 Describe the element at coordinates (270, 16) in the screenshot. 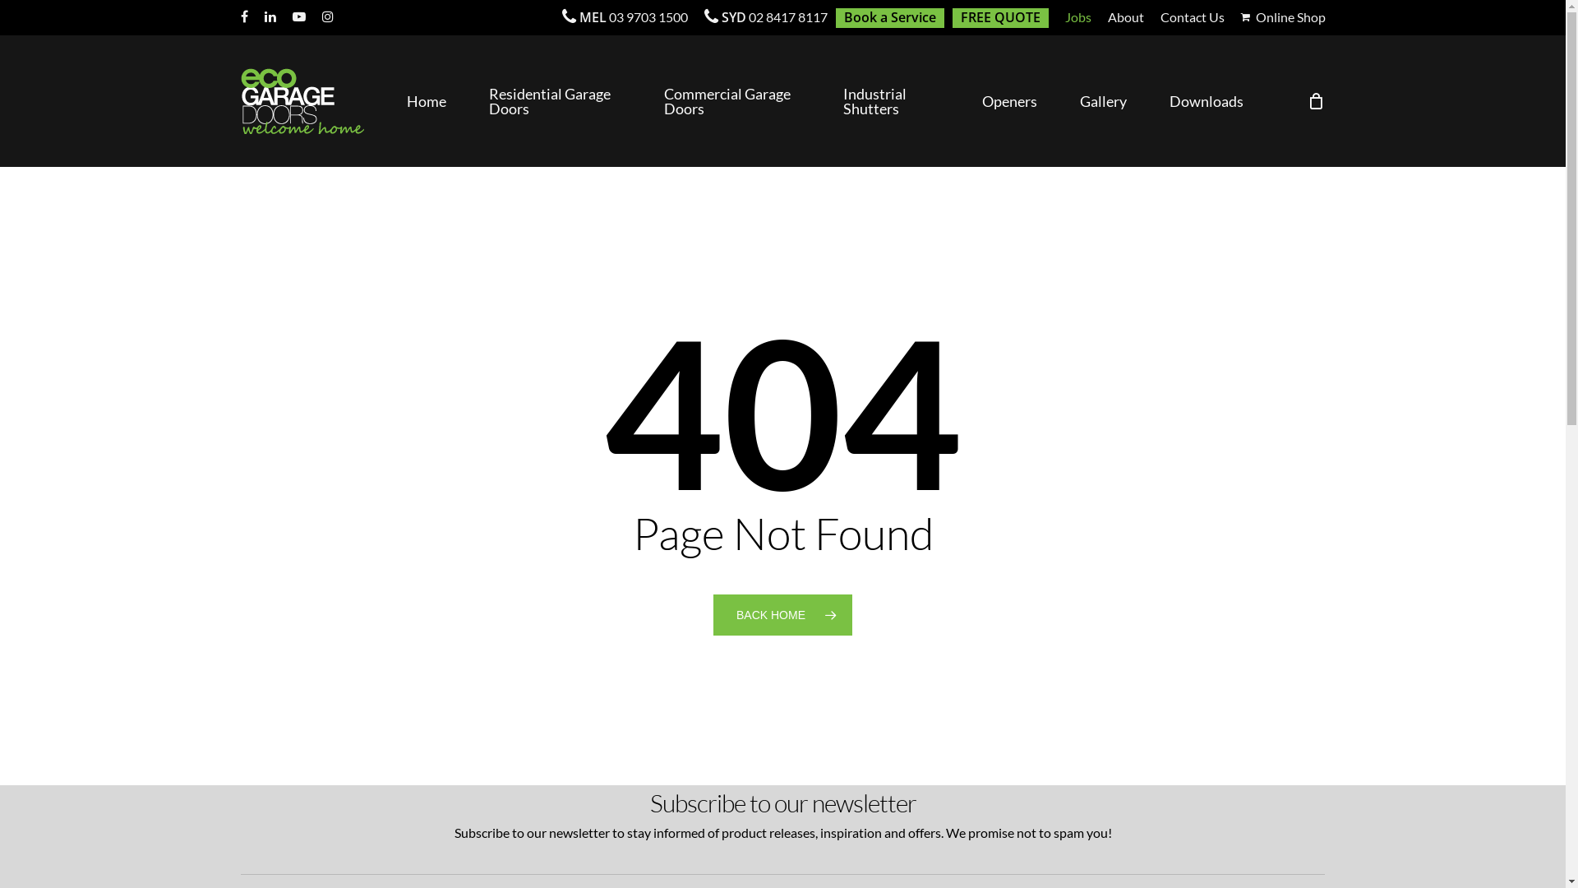

I see `'linkedin'` at that location.